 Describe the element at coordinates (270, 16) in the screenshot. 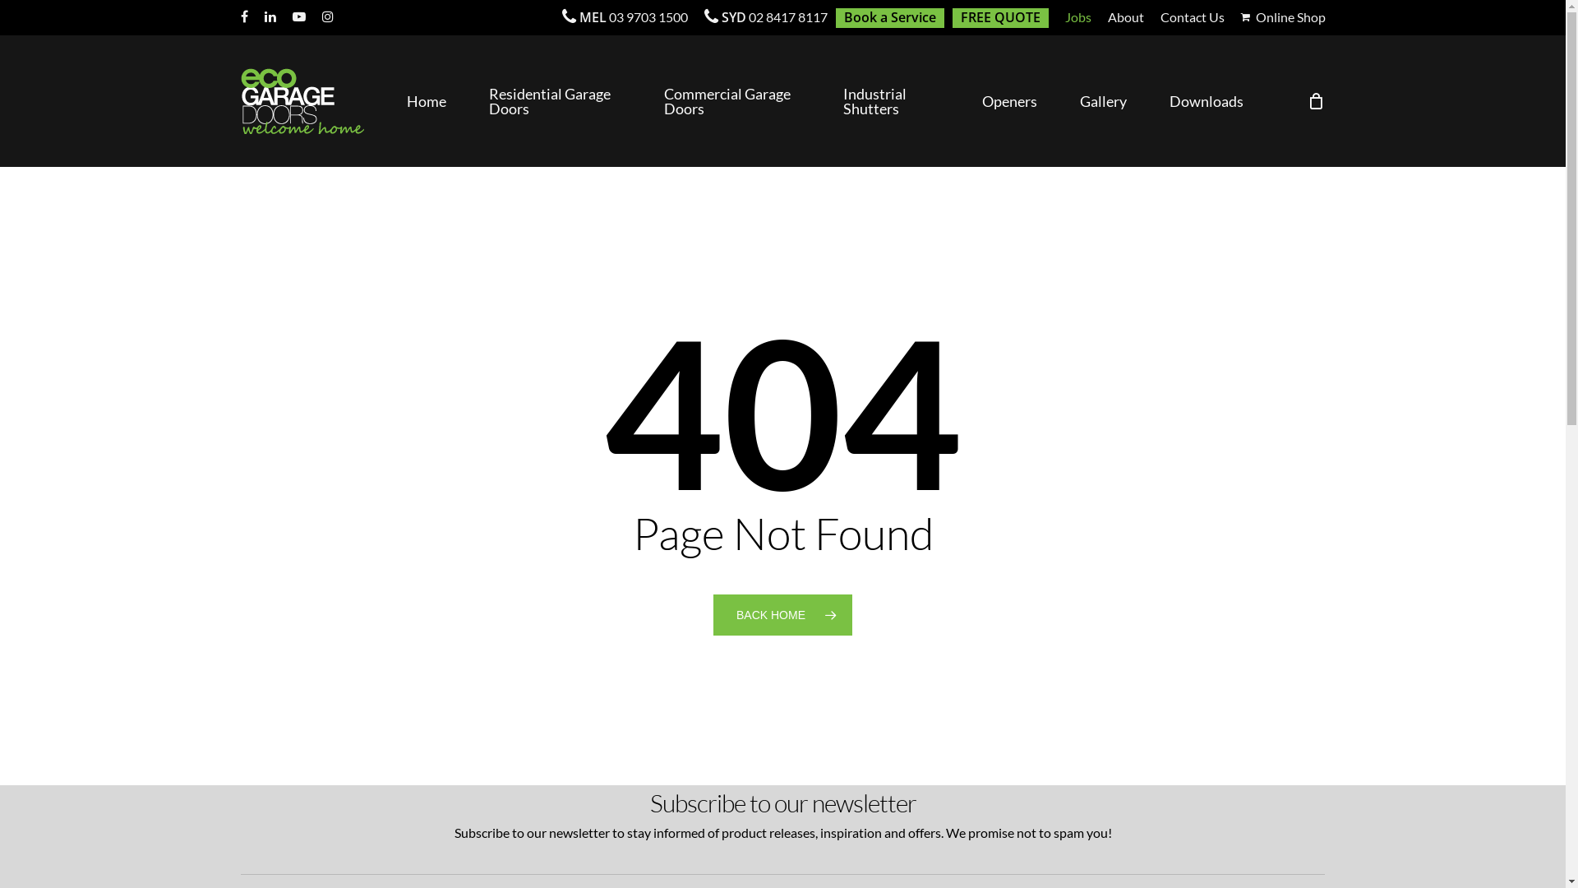

I see `'linkedin'` at that location.